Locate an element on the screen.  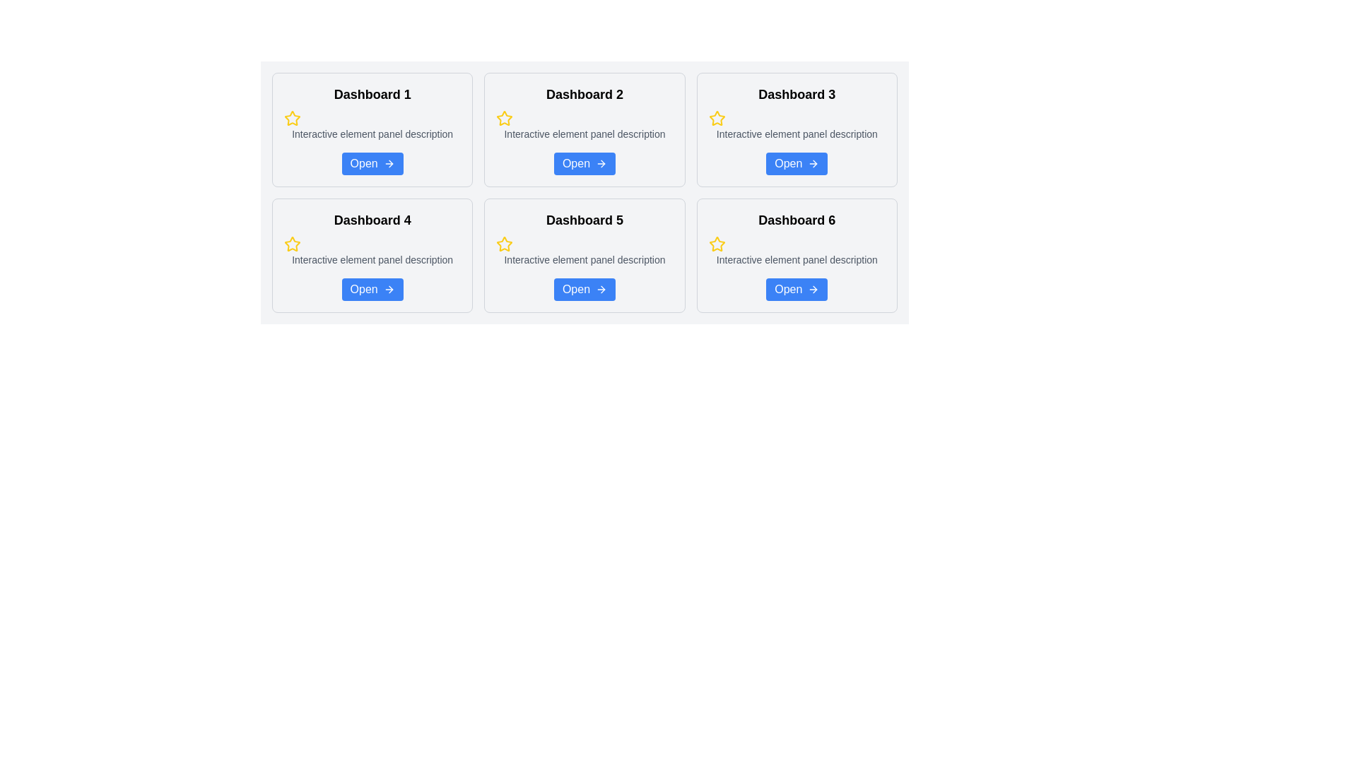
the 'Open' button on the fifth panel in the grid layout for 'Dashboard 5' is located at coordinates (584, 256).